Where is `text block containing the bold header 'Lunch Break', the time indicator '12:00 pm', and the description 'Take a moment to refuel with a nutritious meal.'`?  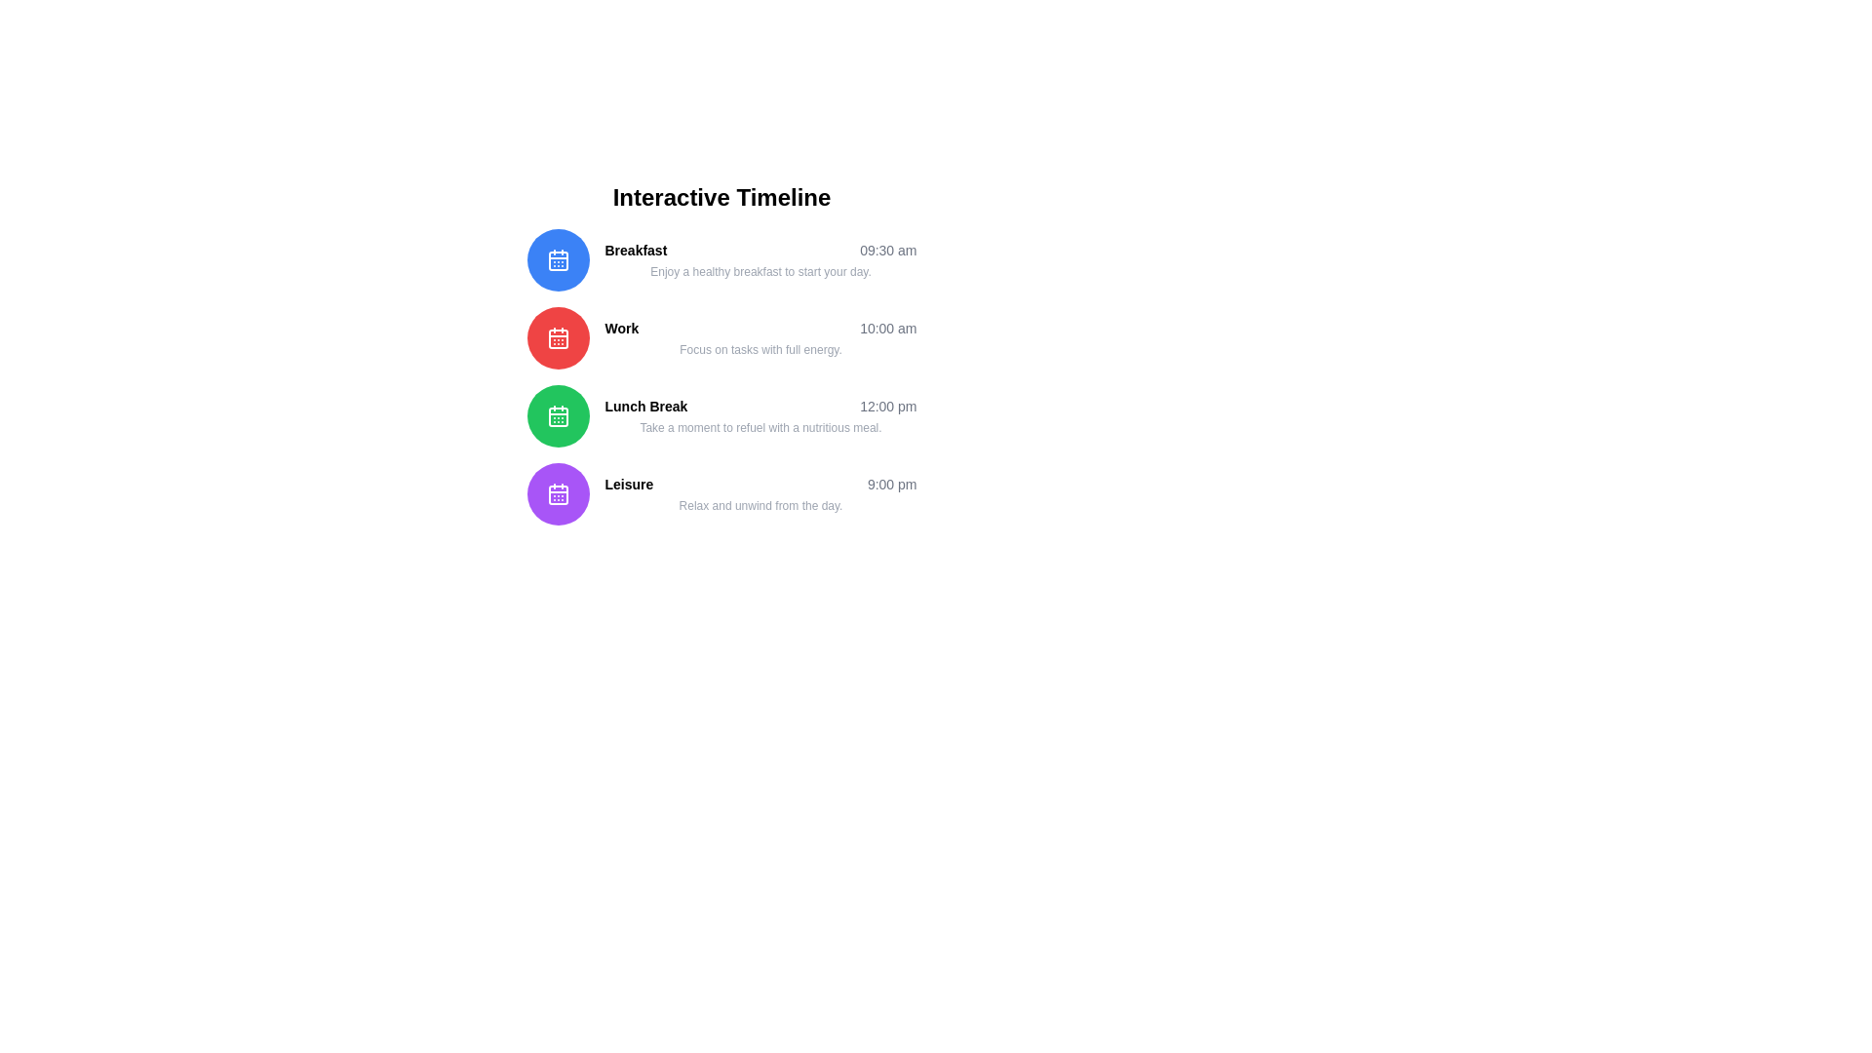 text block containing the bold header 'Lunch Break', the time indicator '12:00 pm', and the description 'Take a moment to refuel with a nutritious meal.' is located at coordinates (760, 415).